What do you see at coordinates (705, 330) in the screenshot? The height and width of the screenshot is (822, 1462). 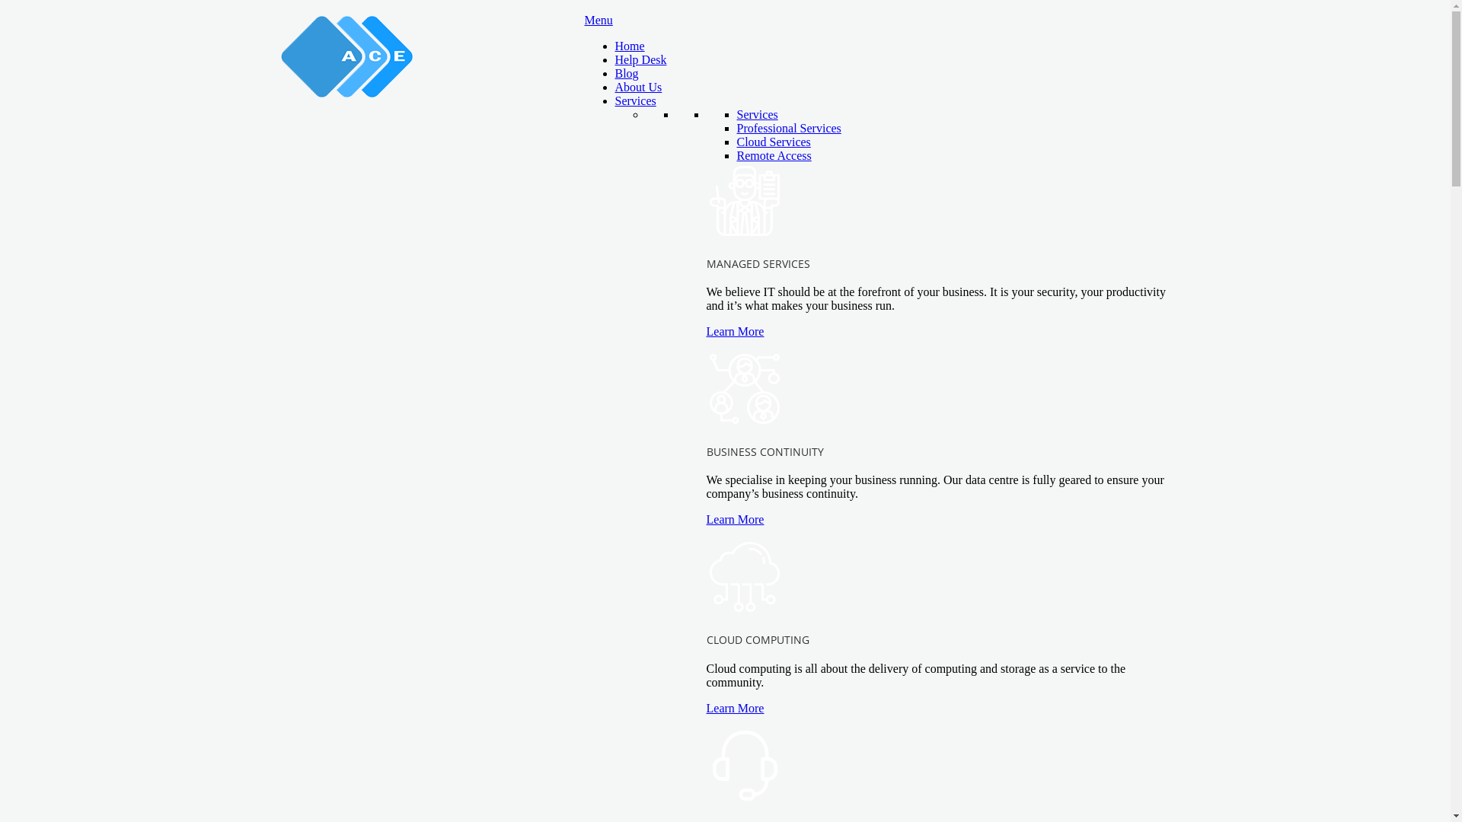 I see `'Learn More'` at bounding box center [705, 330].